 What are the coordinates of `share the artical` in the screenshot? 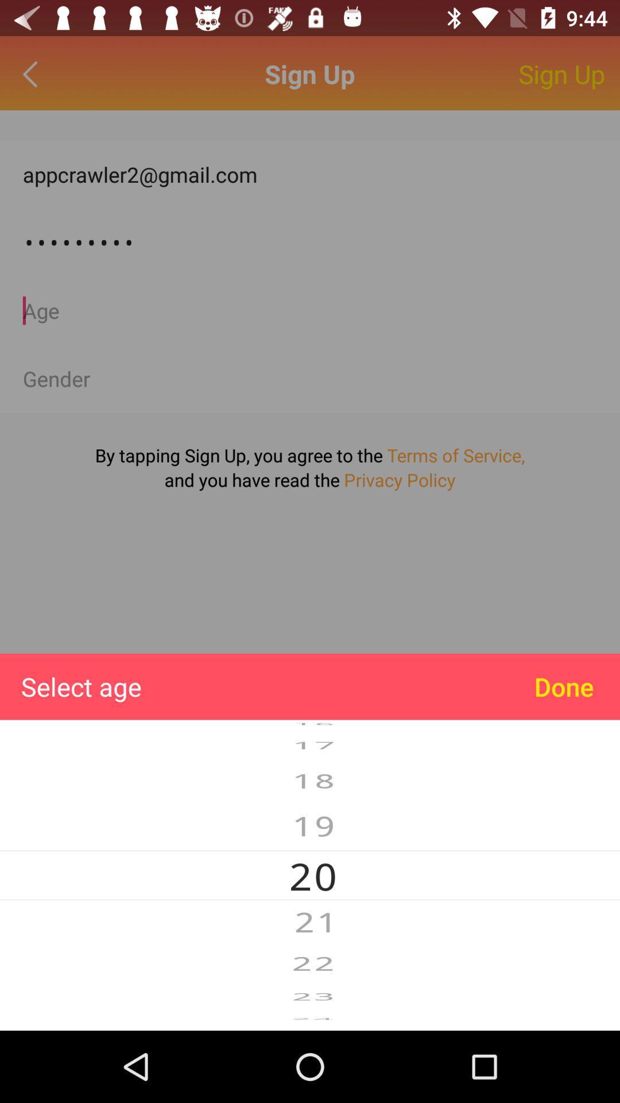 It's located at (310, 379).